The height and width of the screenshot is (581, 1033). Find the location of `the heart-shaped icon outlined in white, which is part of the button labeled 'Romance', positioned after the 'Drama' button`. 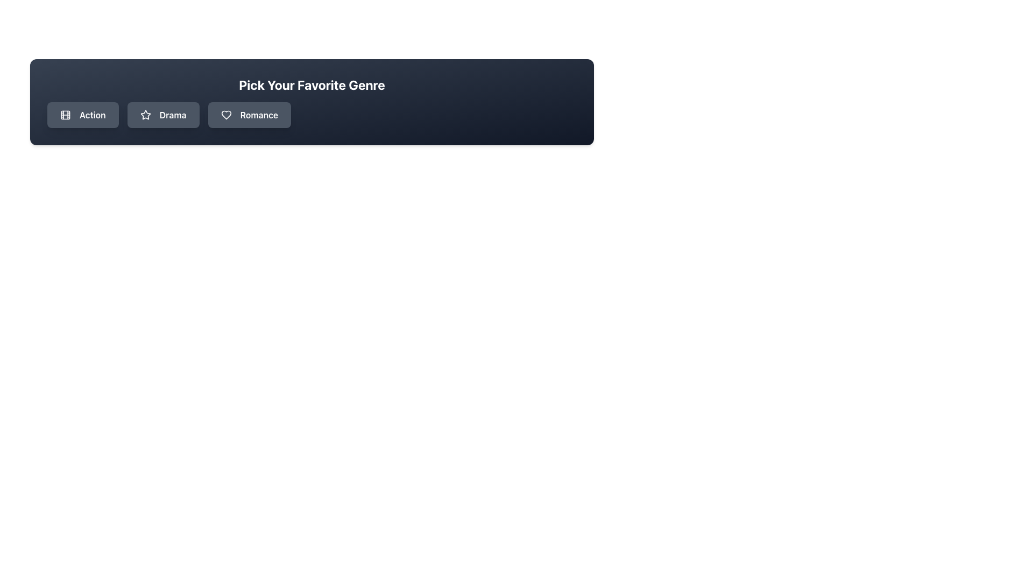

the heart-shaped icon outlined in white, which is part of the button labeled 'Romance', positioned after the 'Drama' button is located at coordinates (225, 115).